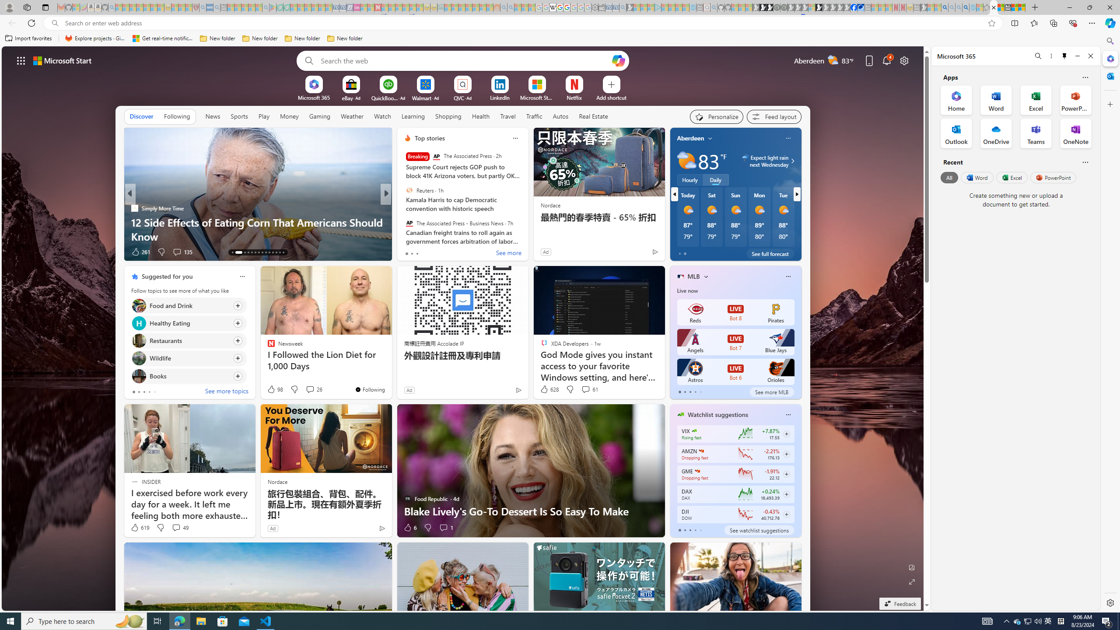 This screenshot has height=630, width=1120. What do you see at coordinates (446, 251) in the screenshot?
I see `'View comments 13 Comment'` at bounding box center [446, 251].